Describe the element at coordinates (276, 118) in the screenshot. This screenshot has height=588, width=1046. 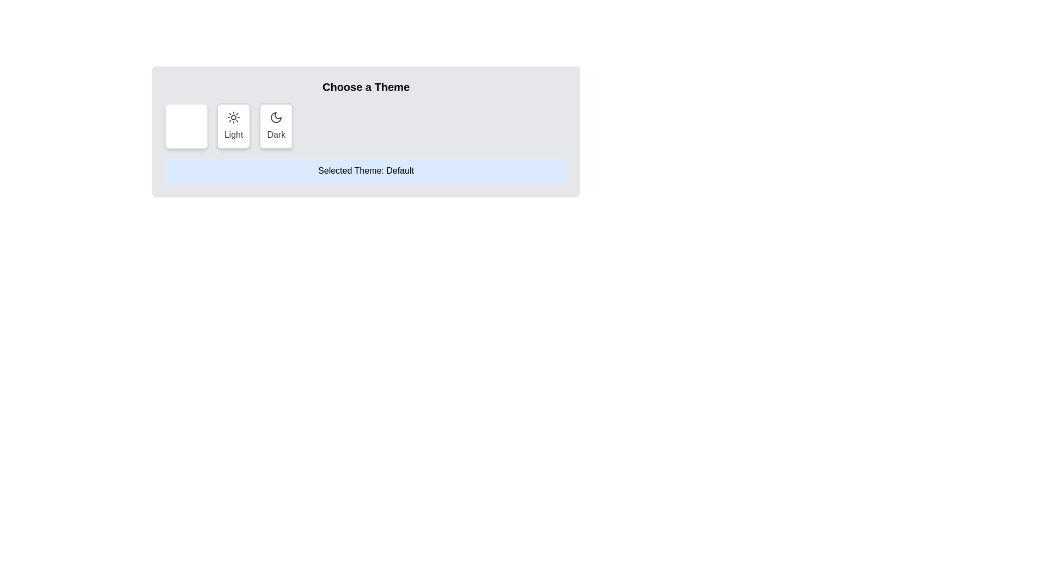
I see `the crescent moon-shaped icon, which is part of the 'Dark' theme button located between the 'Light' button and a blank space` at that location.